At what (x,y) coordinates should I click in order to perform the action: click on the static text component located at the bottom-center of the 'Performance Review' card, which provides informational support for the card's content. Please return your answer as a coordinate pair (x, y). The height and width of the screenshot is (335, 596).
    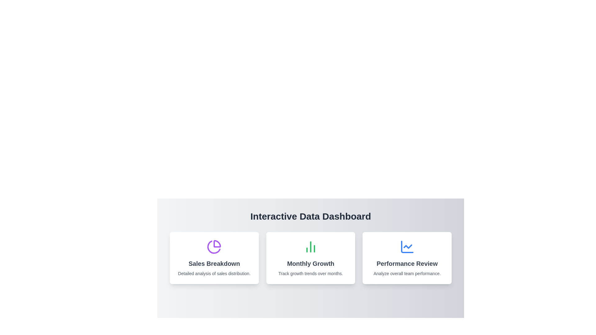
    Looking at the image, I should click on (407, 273).